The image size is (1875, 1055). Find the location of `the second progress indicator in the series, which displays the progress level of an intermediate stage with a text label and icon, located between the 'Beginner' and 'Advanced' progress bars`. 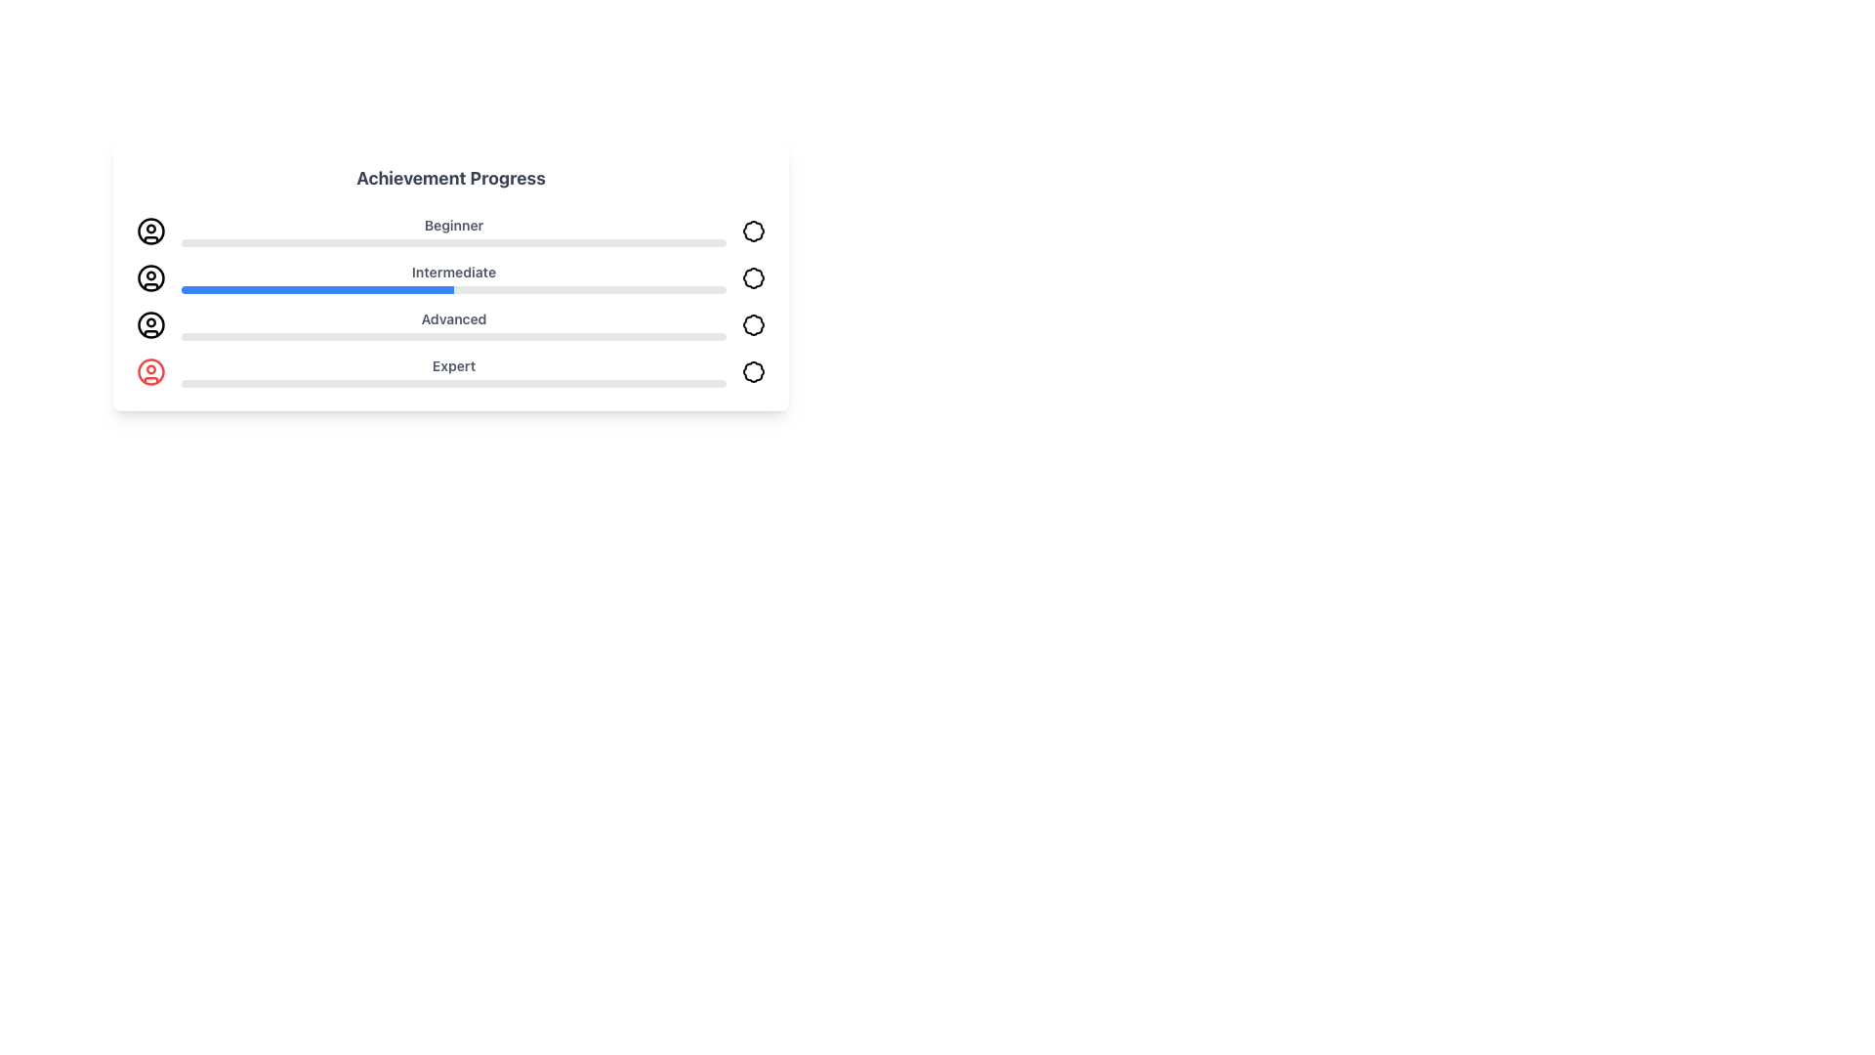

the second progress indicator in the series, which displays the progress level of an intermediate stage with a text label and icon, located between the 'Beginner' and 'Advanced' progress bars is located at coordinates (449, 278).